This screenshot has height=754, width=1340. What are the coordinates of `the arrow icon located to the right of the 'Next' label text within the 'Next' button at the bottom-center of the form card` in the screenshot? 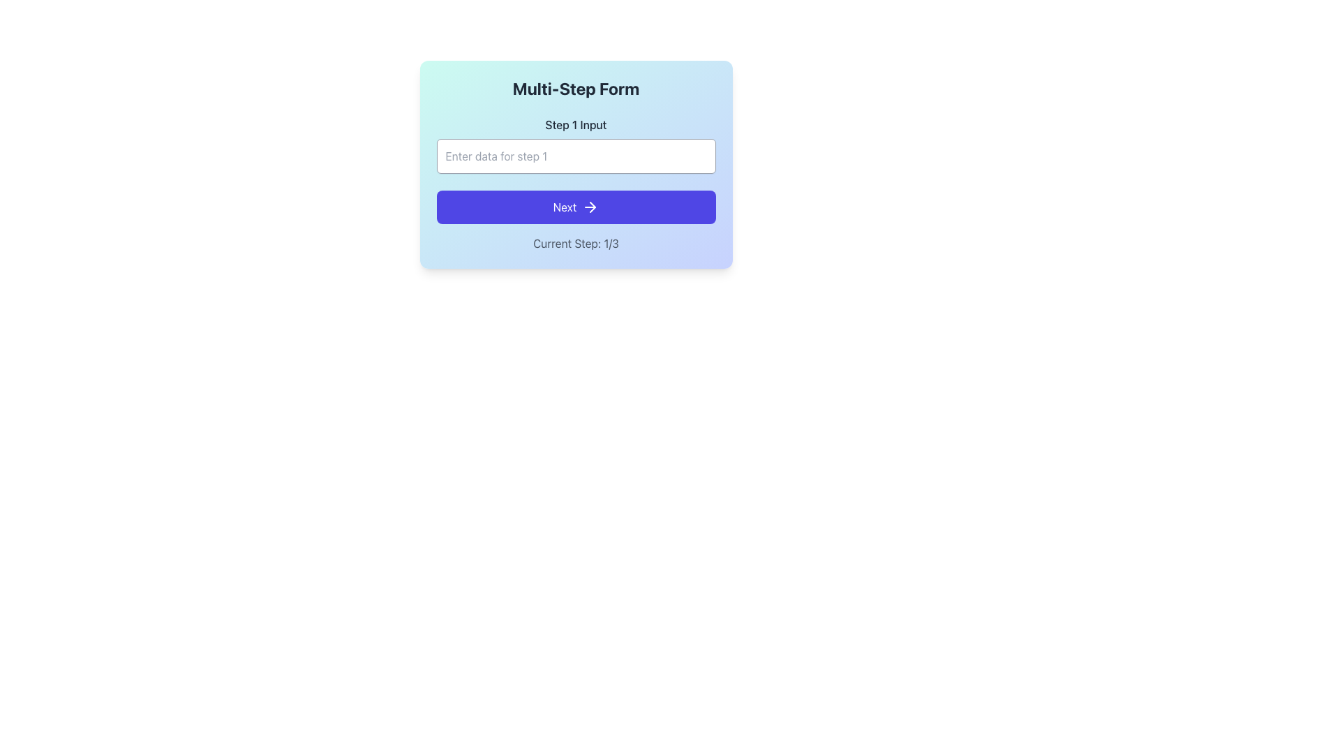 It's located at (590, 207).